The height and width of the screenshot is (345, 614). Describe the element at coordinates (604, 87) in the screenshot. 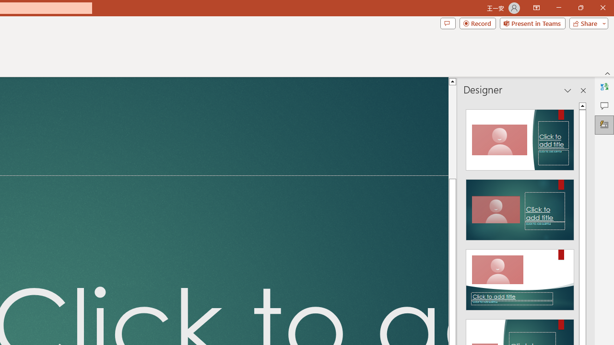

I see `'Translator'` at that location.